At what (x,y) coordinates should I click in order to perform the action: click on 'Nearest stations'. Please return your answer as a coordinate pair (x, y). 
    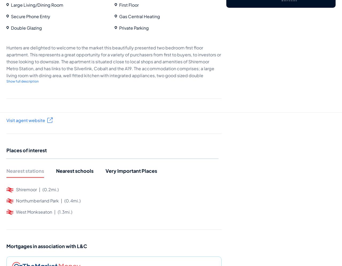
    Looking at the image, I should click on (6, 170).